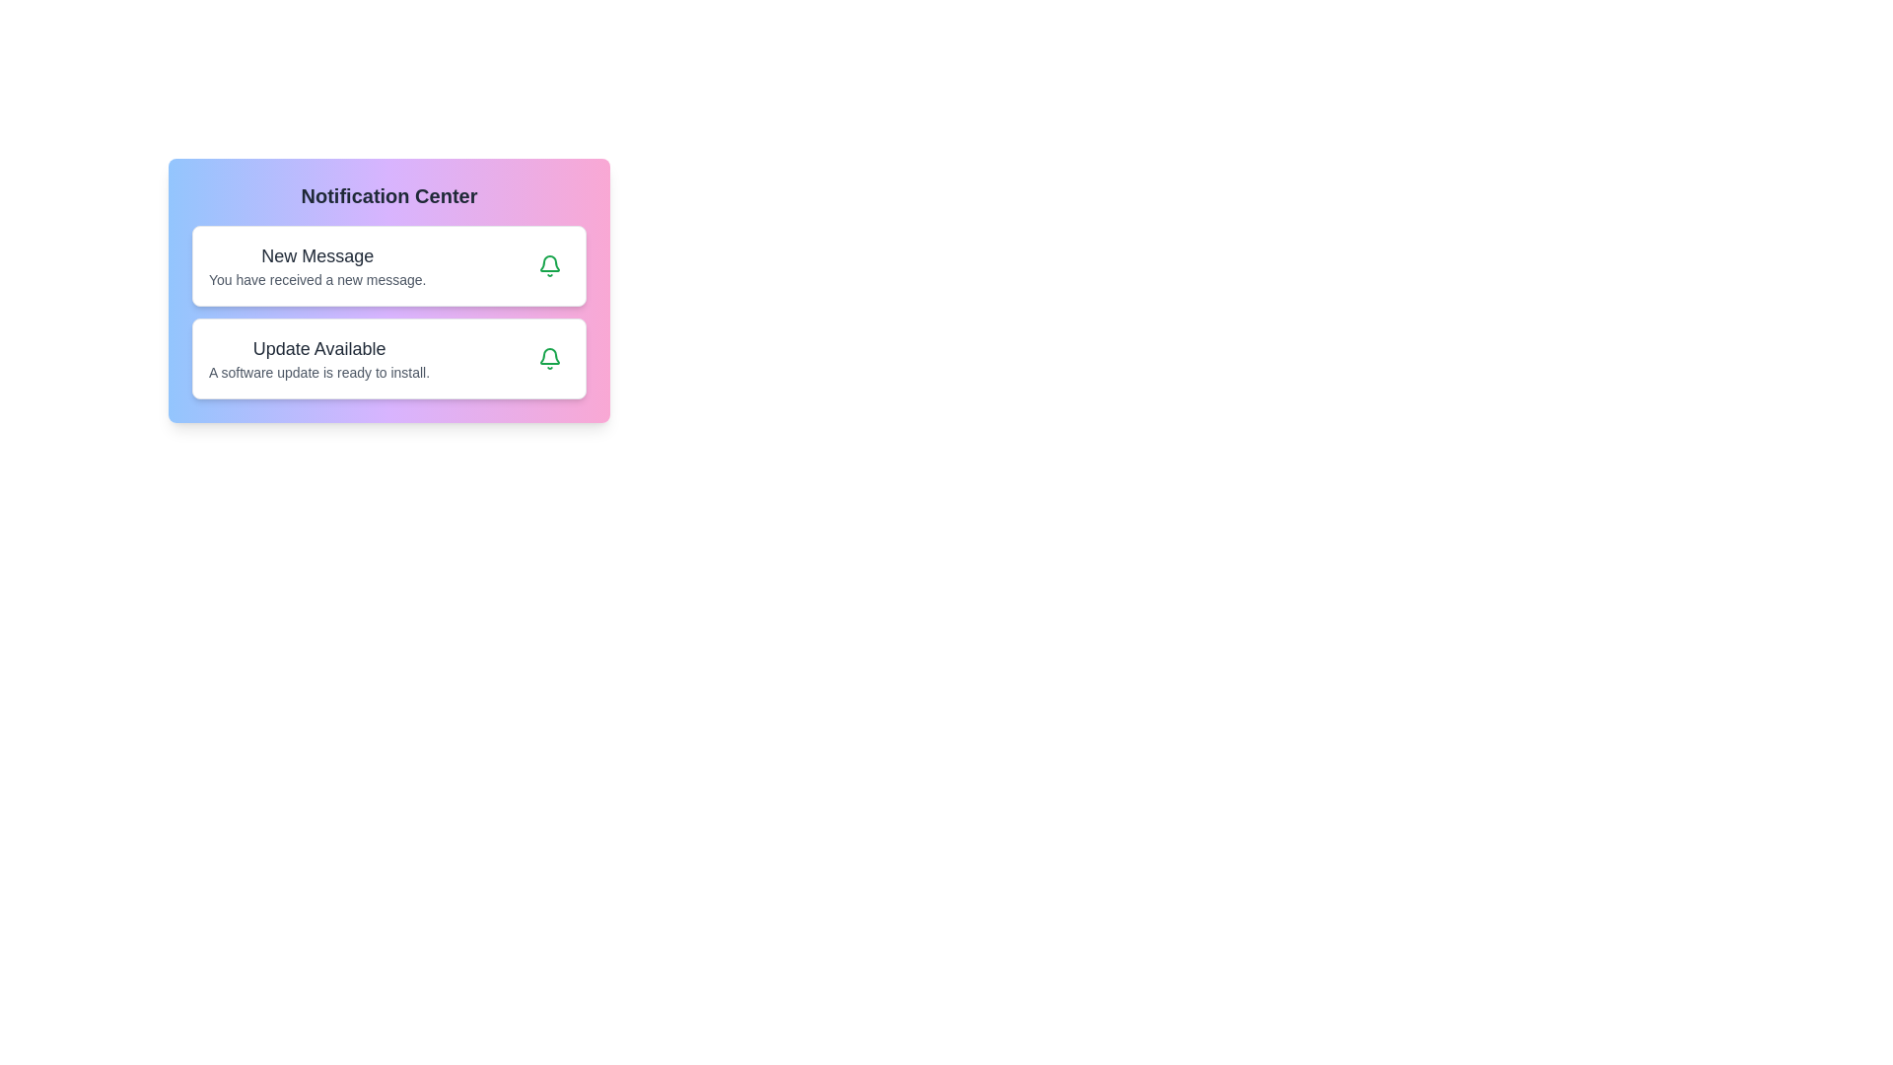 The width and height of the screenshot is (1893, 1065). What do you see at coordinates (317, 280) in the screenshot?
I see `descriptive text label that states 'You have received a new message.' which is styled in a smaller, gray-colored font, located directly below the heading 'New Message' in the Notification Center` at bounding box center [317, 280].